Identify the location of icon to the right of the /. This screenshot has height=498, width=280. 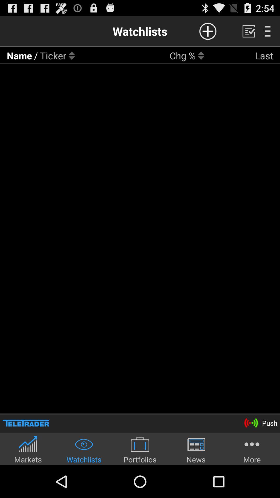
(53, 56).